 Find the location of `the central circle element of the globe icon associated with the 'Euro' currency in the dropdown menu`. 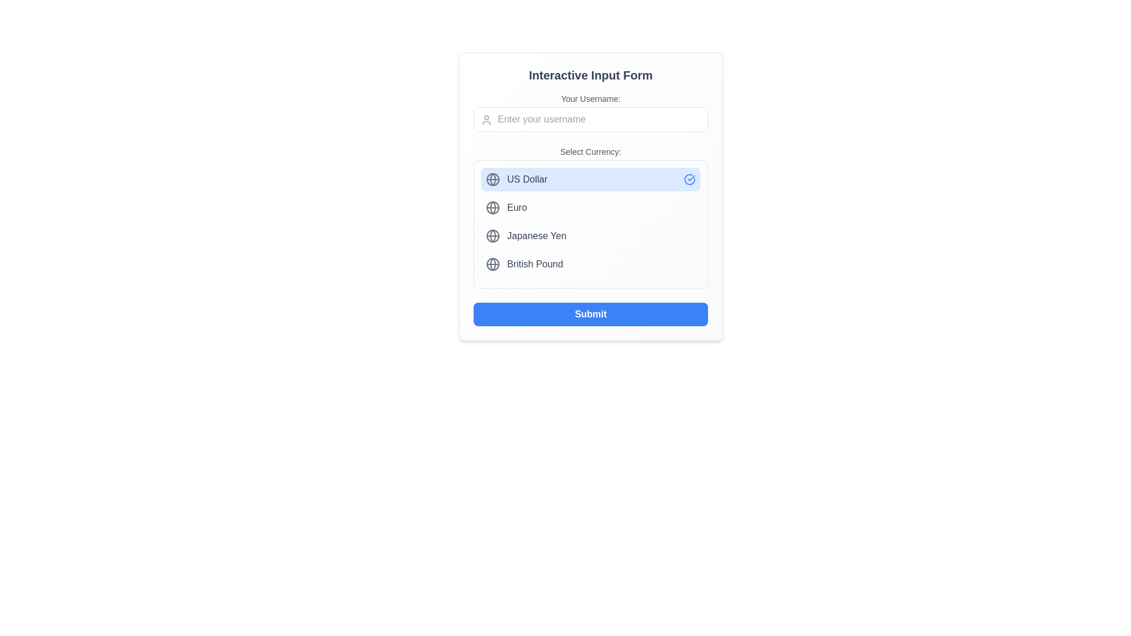

the central circle element of the globe icon associated with the 'Euro' currency in the dropdown menu is located at coordinates (492, 207).